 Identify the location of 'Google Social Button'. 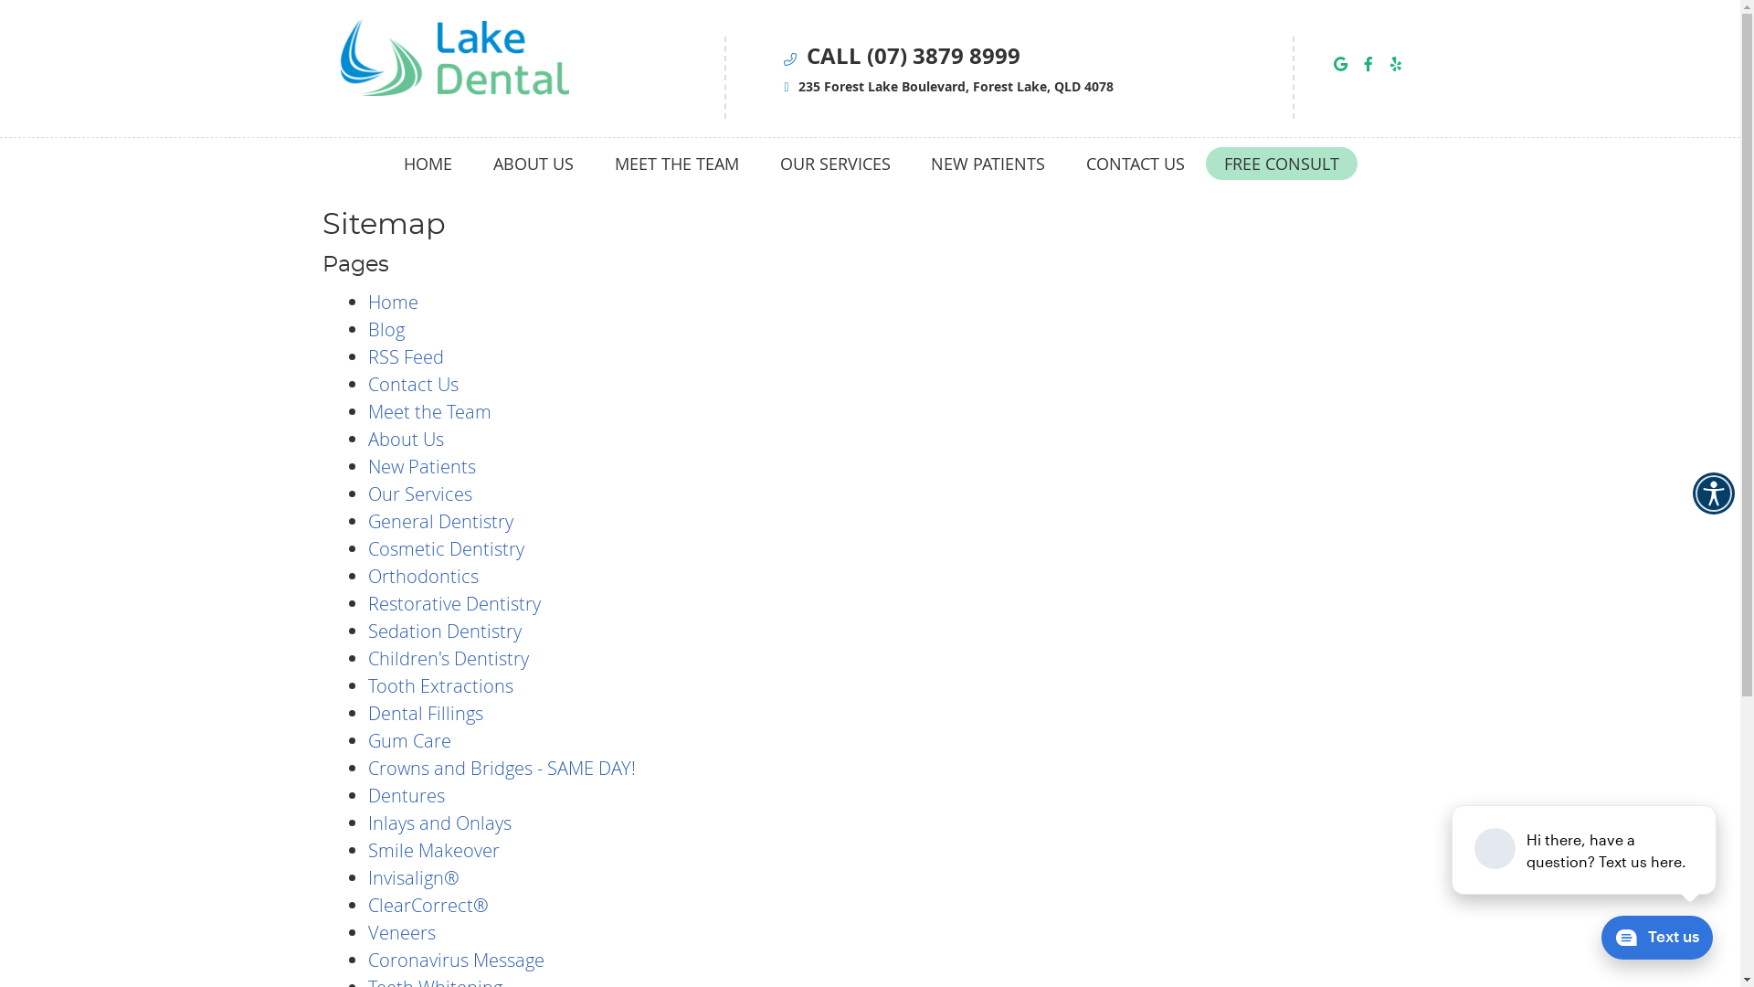
(1341, 62).